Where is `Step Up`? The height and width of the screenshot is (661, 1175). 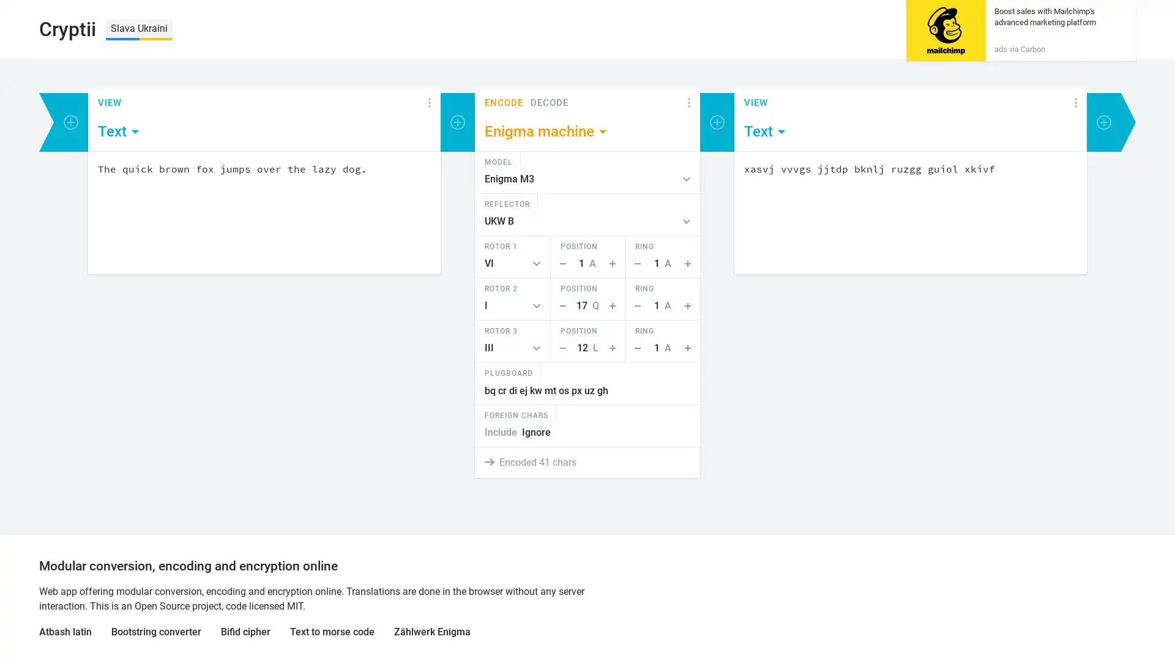
Step Up is located at coordinates (690, 263).